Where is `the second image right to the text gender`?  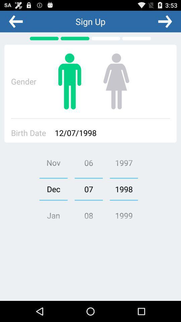
the second image right to the text gender is located at coordinates (116, 81).